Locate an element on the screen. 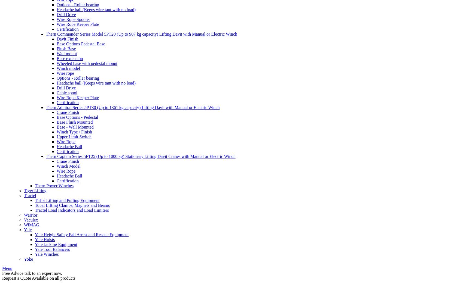 Image resolution: width=463 pixels, height=287 pixels. 'Upper Limit Switch' is located at coordinates (56, 136).